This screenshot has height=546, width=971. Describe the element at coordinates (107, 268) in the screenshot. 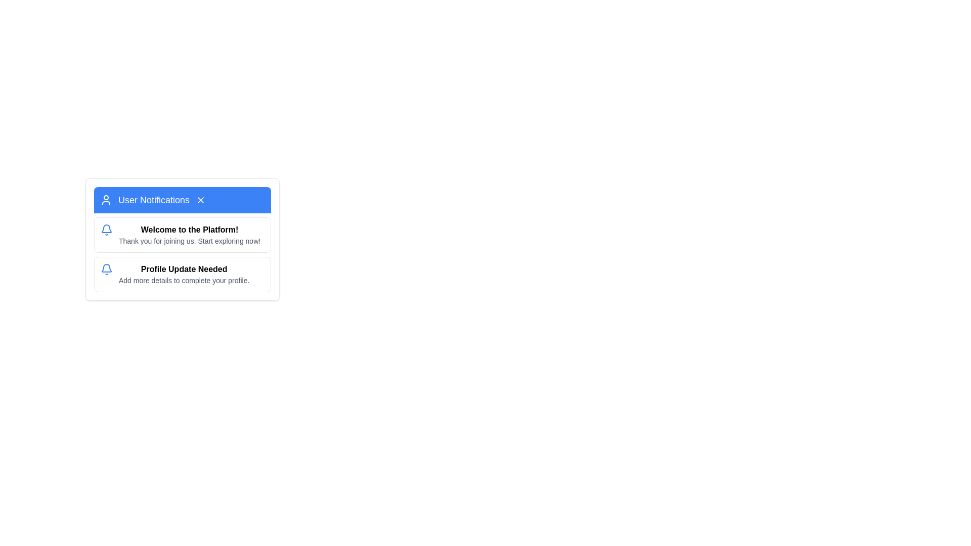

I see `the presence of the notification bell icon located at the top-left corner of the 'Profile Update Needed' section, which indicates user notifications or alerts` at that location.